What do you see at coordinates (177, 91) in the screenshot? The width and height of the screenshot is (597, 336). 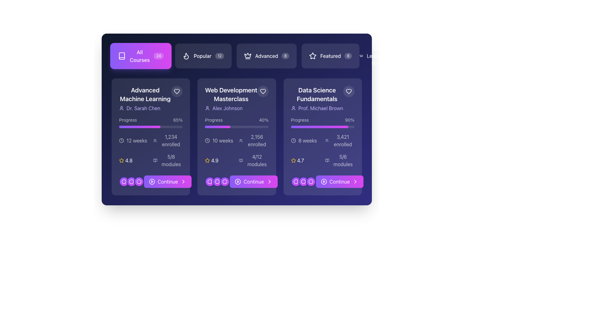 I see `the heart icon in the upper-right section of the 'Advanced Machine Learning' course card` at bounding box center [177, 91].